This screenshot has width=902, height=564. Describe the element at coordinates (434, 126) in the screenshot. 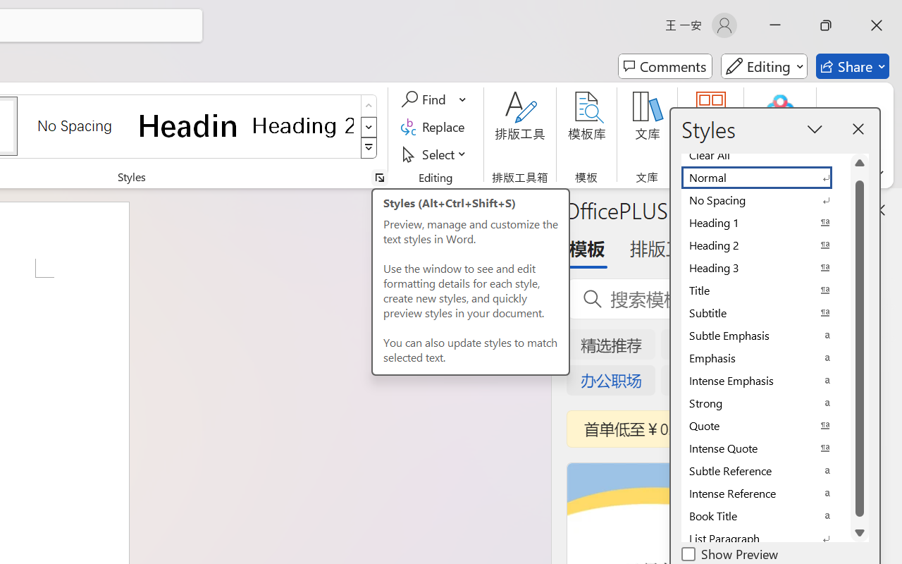

I see `'Replace...'` at that location.